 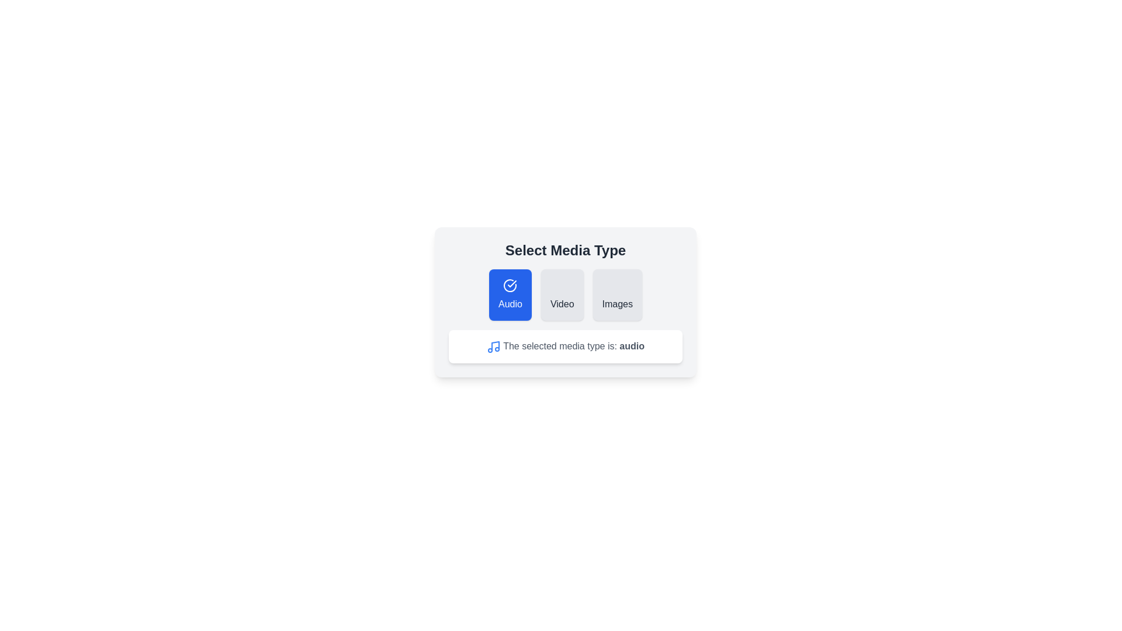 What do you see at coordinates (510, 303) in the screenshot?
I see `the text label within the first button from the left that represents the 'audio' option, located under the 'Select Media Type' heading` at bounding box center [510, 303].